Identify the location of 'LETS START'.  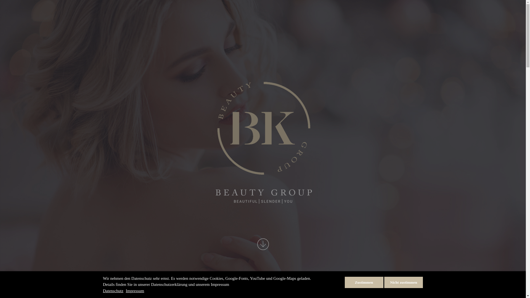
(263, 245).